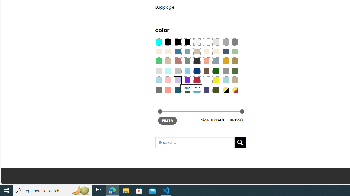  Describe the element at coordinates (215, 70) in the screenshot. I see `'Dark Green'` at that location.